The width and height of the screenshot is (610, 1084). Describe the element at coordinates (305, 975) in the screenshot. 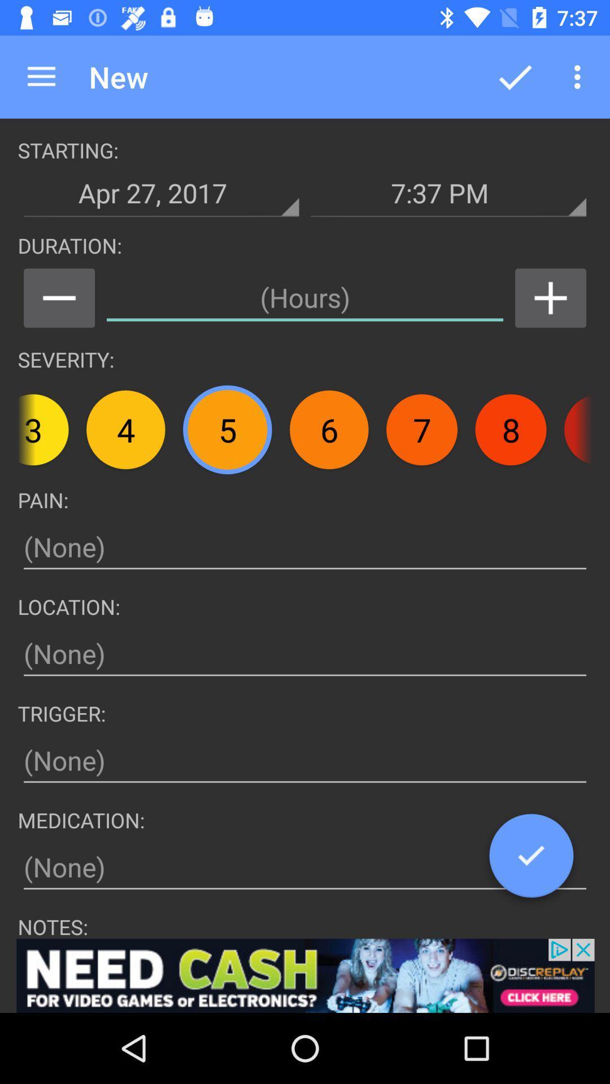

I see `option` at that location.